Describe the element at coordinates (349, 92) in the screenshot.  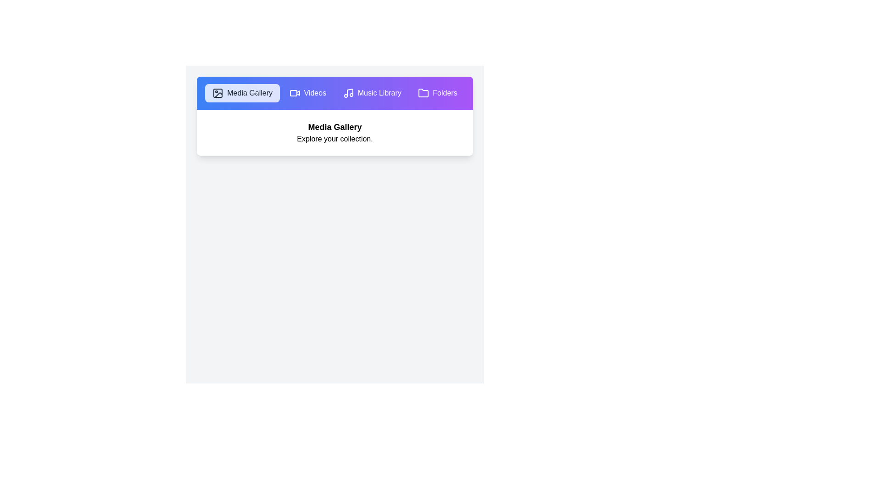
I see `the vertical line resembling a musical note's stem in the 'Music Library' icon group, located in the navigation bar` at that location.